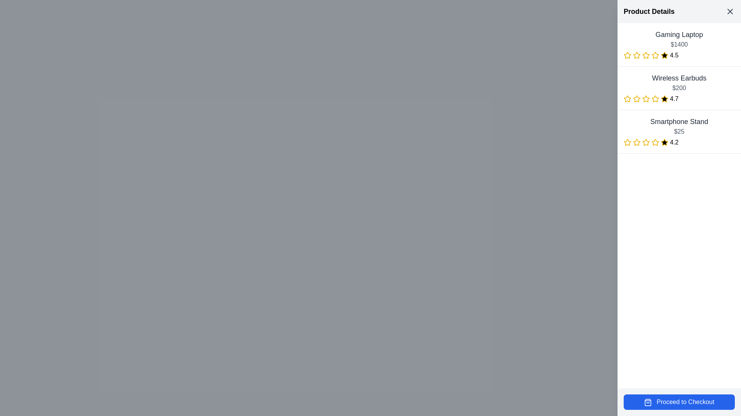 This screenshot has width=741, height=416. Describe the element at coordinates (636, 98) in the screenshot. I see `the second star icon in the product rating system for the 'Wireless Earbuds' to assign a two-star rating` at that location.